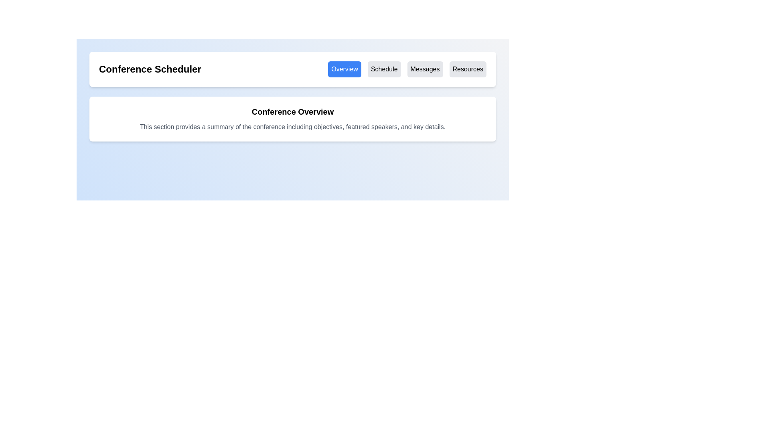  Describe the element at coordinates (425, 69) in the screenshot. I see `the 'Messages' button, which is the third button in a row of four buttons labeled 'Overview', 'Schedule', 'Messages', and 'Resources'` at that location.